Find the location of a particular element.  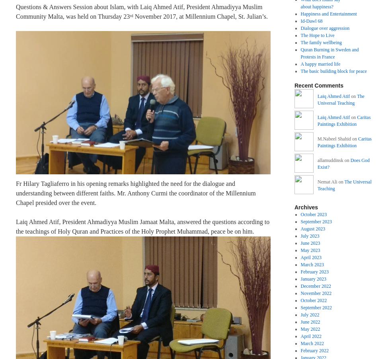

'March 2023' is located at coordinates (300, 263).